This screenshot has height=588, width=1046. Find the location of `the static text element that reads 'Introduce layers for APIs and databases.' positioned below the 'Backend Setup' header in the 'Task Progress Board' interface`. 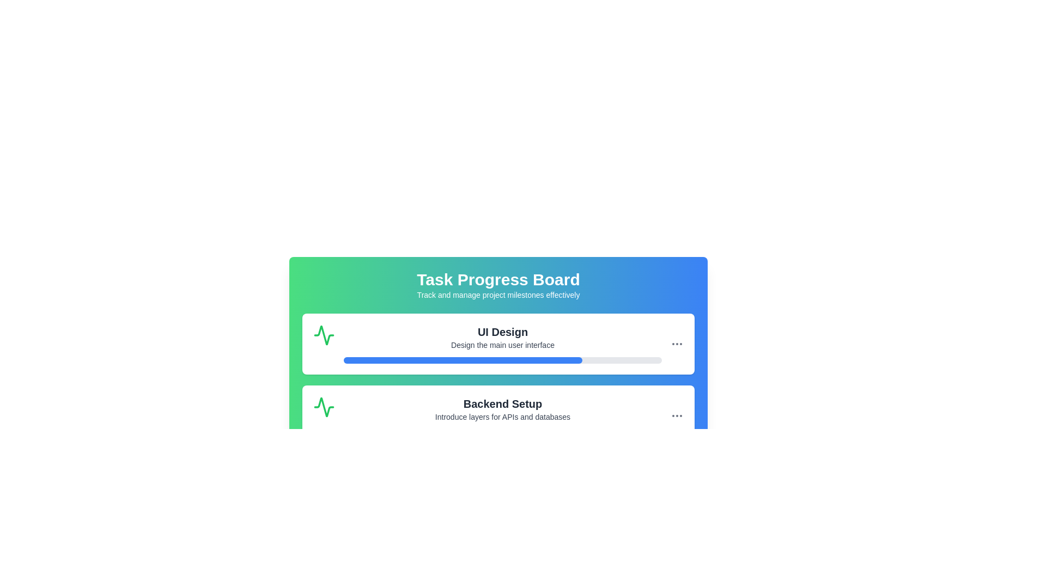

the static text element that reads 'Introduce layers for APIs and databases.' positioned below the 'Backend Setup' header in the 'Task Progress Board' interface is located at coordinates (502, 416).